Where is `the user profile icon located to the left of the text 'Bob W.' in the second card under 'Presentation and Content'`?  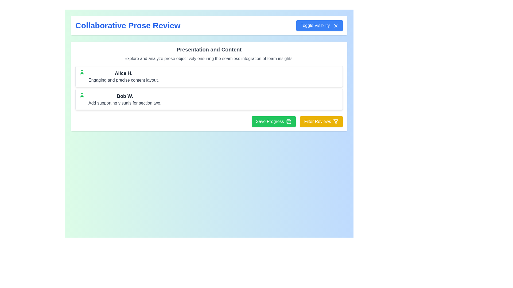 the user profile icon located to the left of the text 'Bob W.' in the second card under 'Presentation and Content' is located at coordinates (82, 95).